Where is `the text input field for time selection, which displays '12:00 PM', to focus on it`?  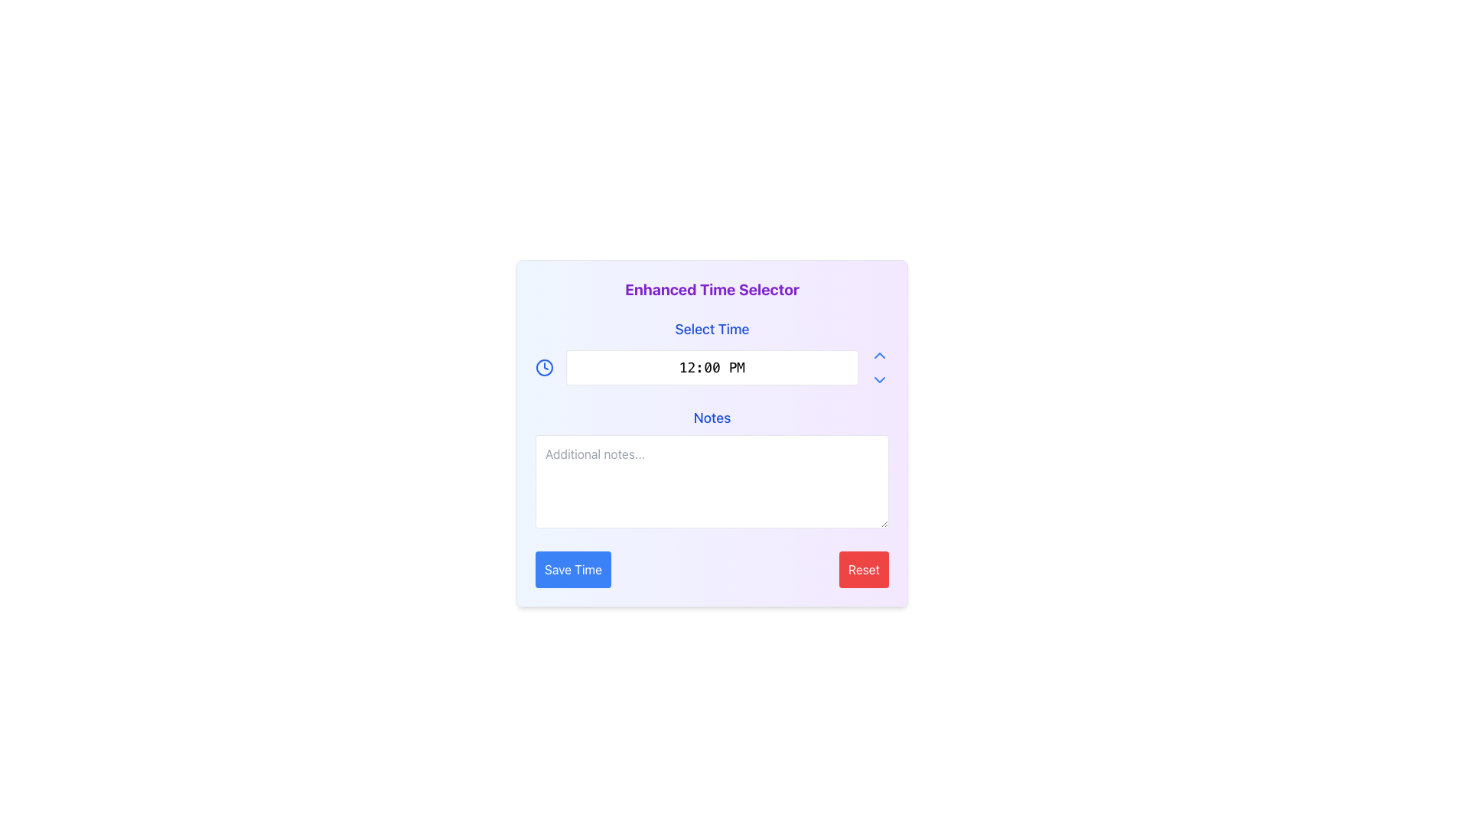
the text input field for time selection, which displays '12:00 PM', to focus on it is located at coordinates (712, 368).